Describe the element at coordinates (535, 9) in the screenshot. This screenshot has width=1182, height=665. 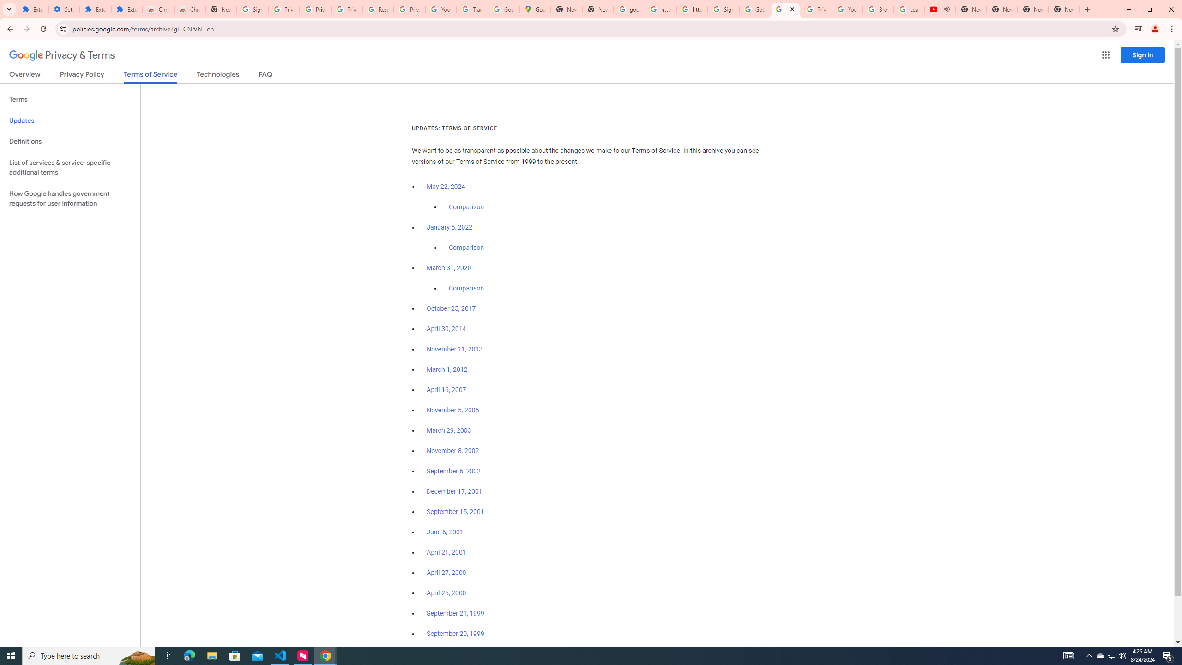
I see `'Google Maps'` at that location.